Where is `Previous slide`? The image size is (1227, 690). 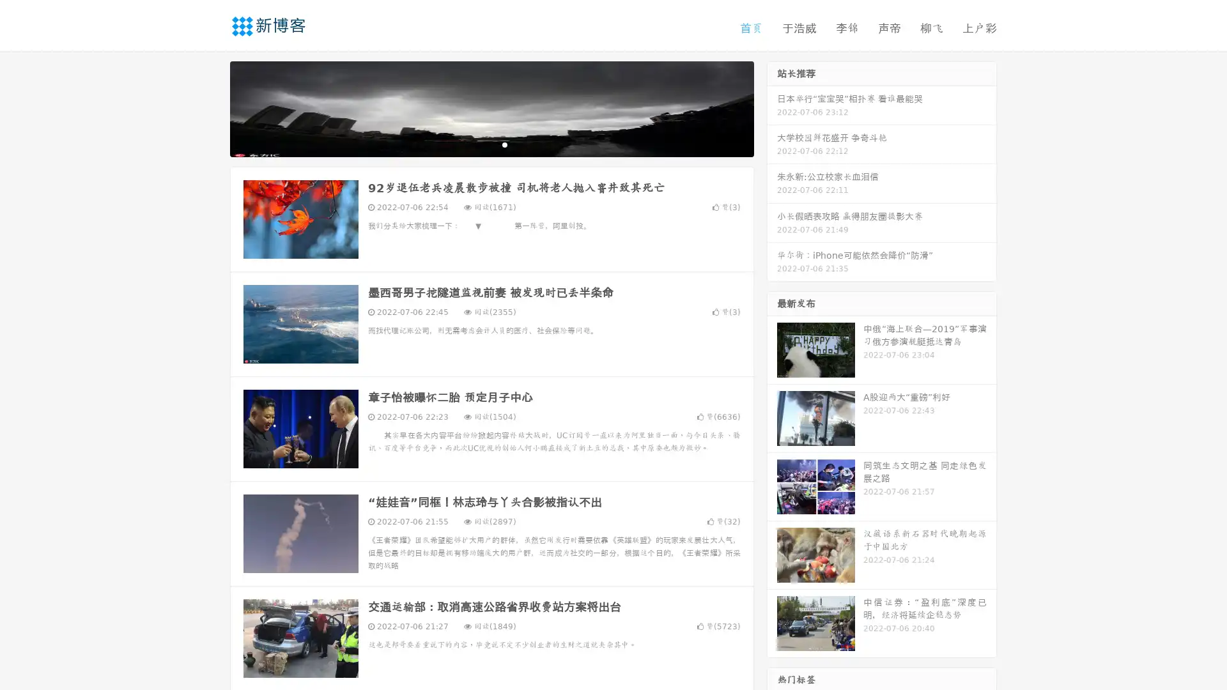 Previous slide is located at coordinates (211, 107).